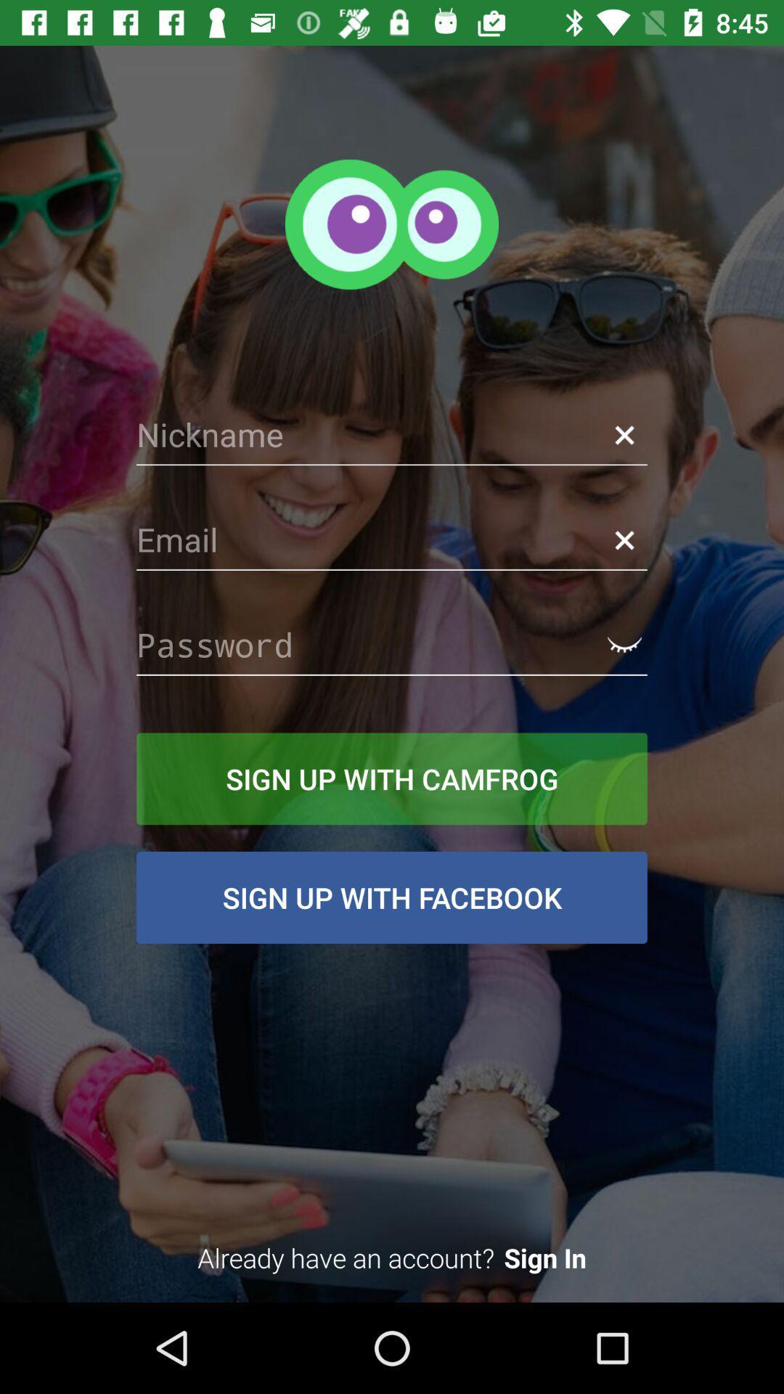  What do you see at coordinates (624, 434) in the screenshot?
I see `clear text` at bounding box center [624, 434].